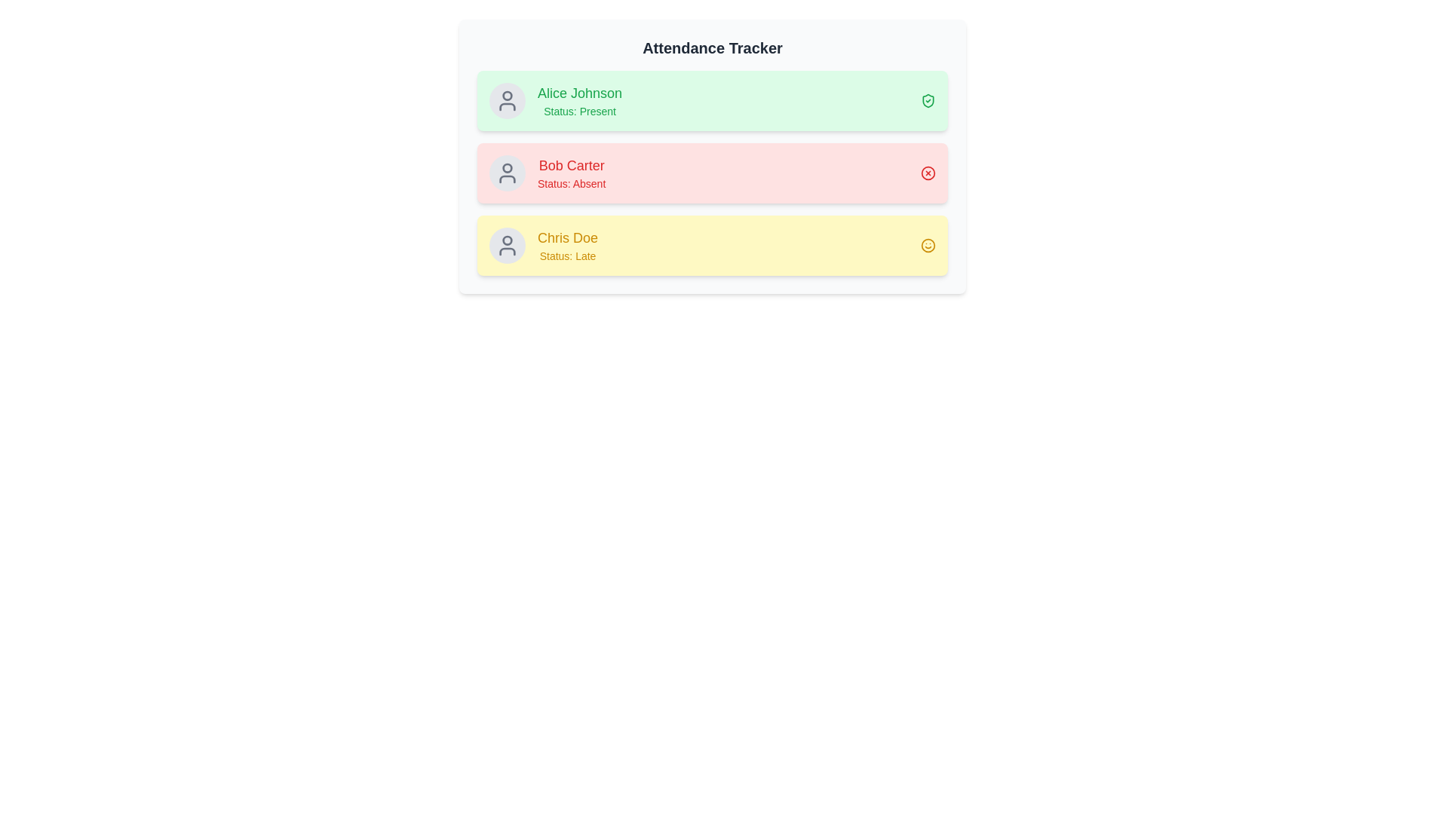 This screenshot has width=1448, height=814. I want to click on the attendance entry for 'Chris Doe' indicating their status as 'Late' in the attendance tracker interface, so click(712, 245).